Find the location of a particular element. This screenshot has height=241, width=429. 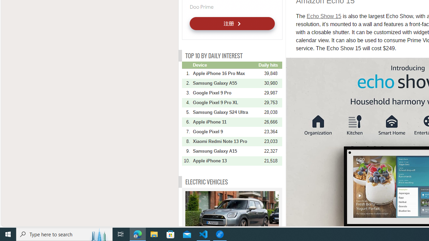

'Google Pixel 9' is located at coordinates (225, 132).